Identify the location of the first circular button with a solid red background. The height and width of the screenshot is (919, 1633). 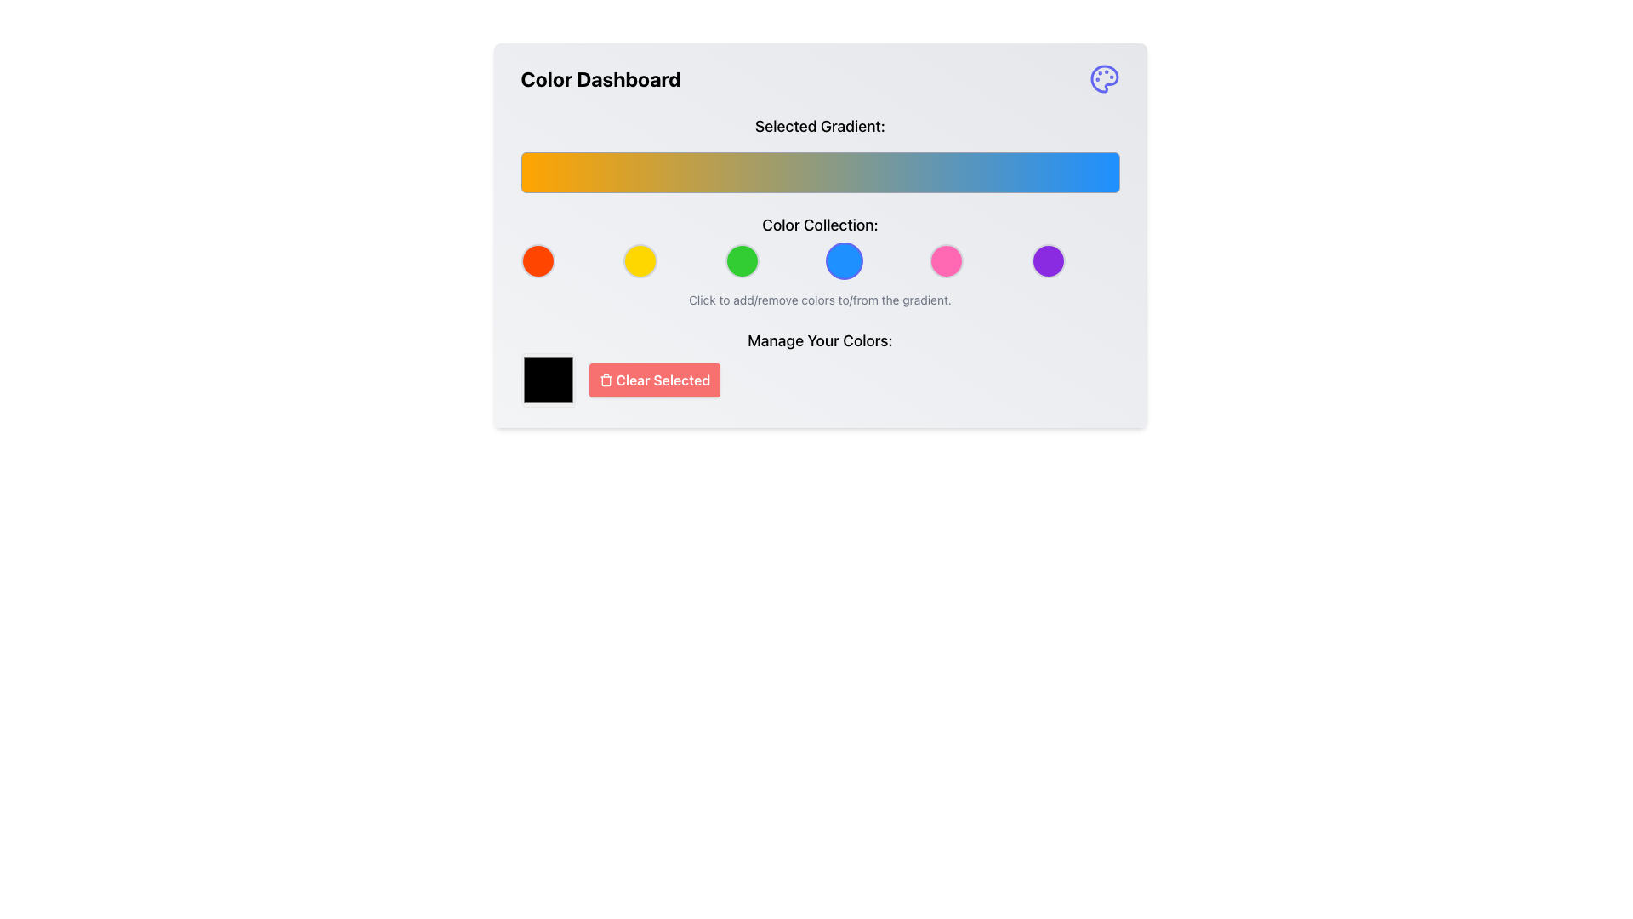
(537, 261).